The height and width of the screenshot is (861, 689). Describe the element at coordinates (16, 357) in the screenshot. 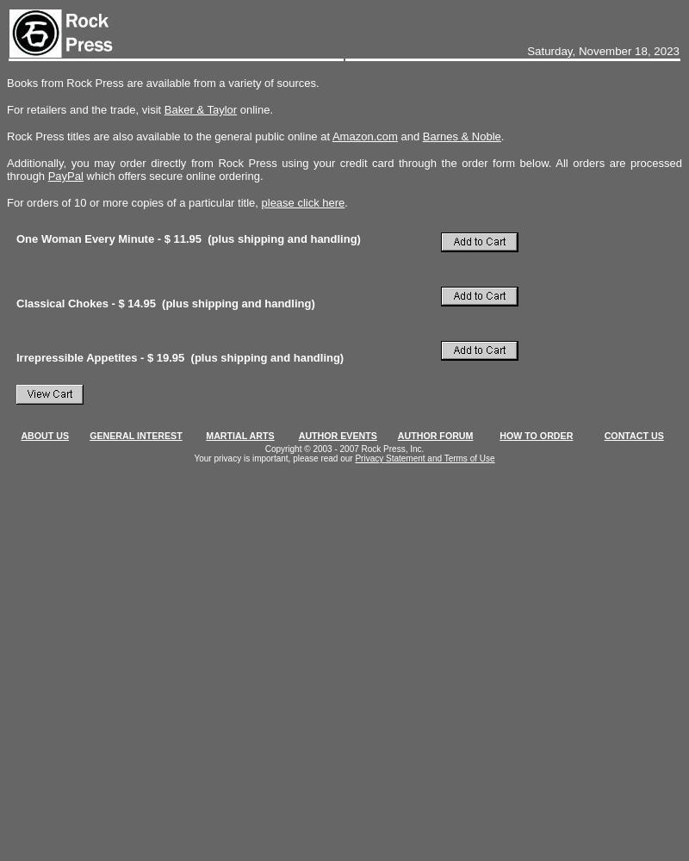

I see `'Irrepressible Appetites - $
        19.95  (plus shipping and handling)'` at that location.